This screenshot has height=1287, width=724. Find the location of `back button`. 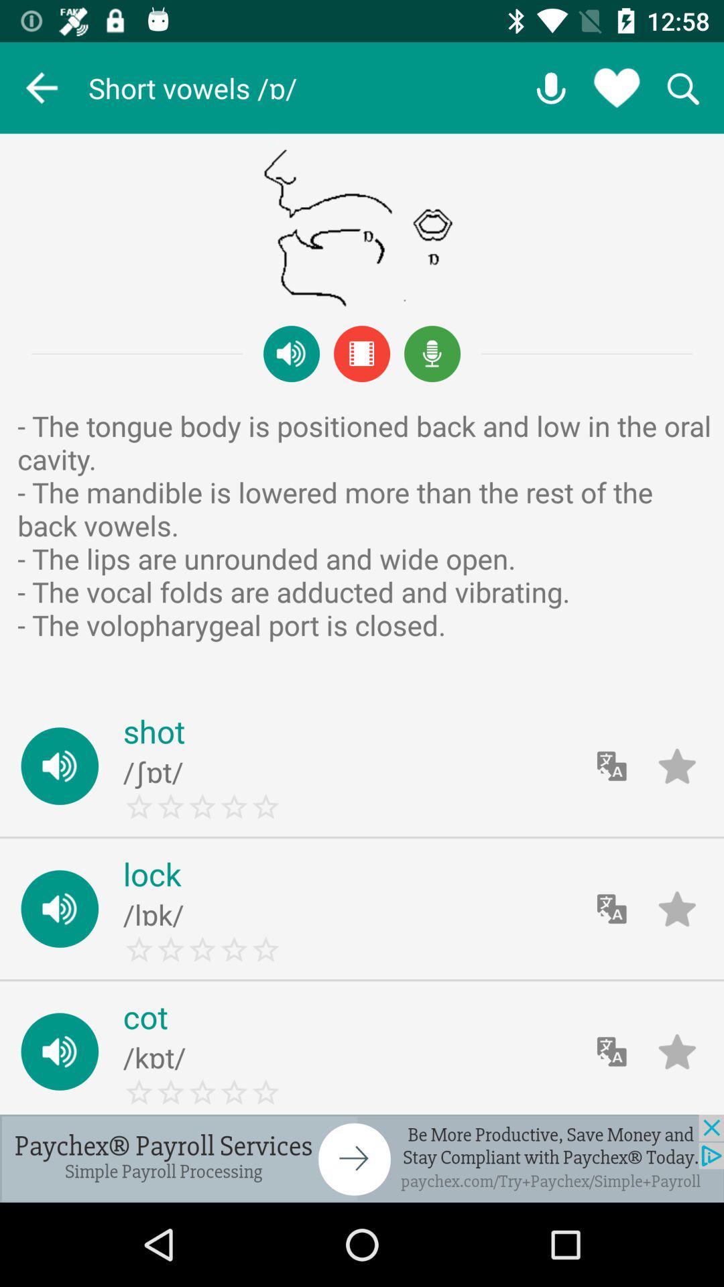

back button is located at coordinates (41, 87).